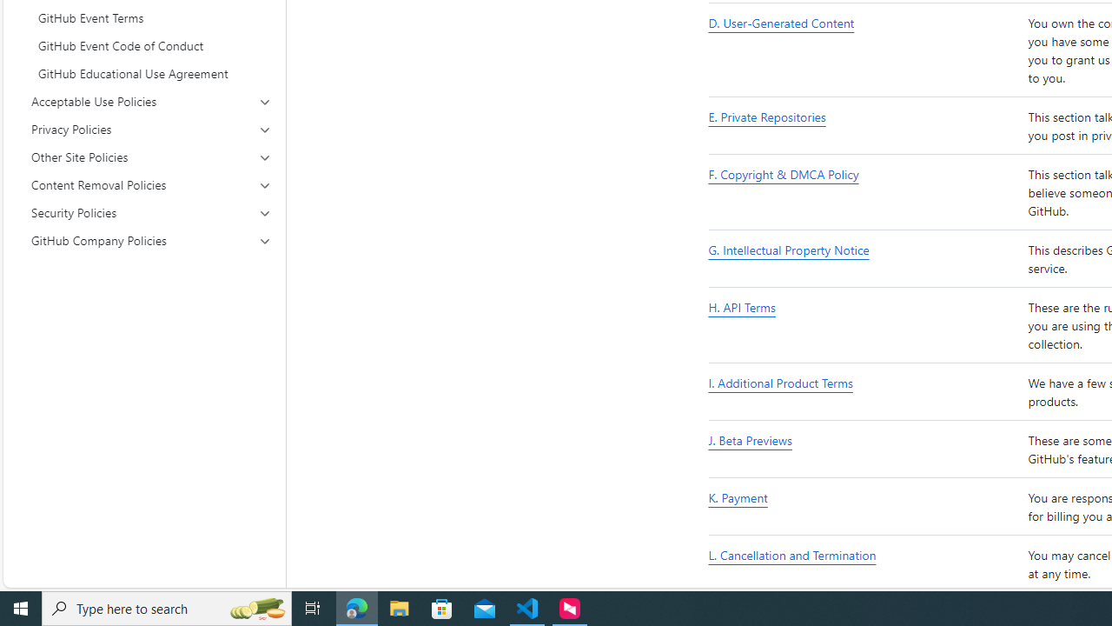 Image resolution: width=1112 pixels, height=626 pixels. What do you see at coordinates (151, 211) in the screenshot?
I see `'Security Policies'` at bounding box center [151, 211].